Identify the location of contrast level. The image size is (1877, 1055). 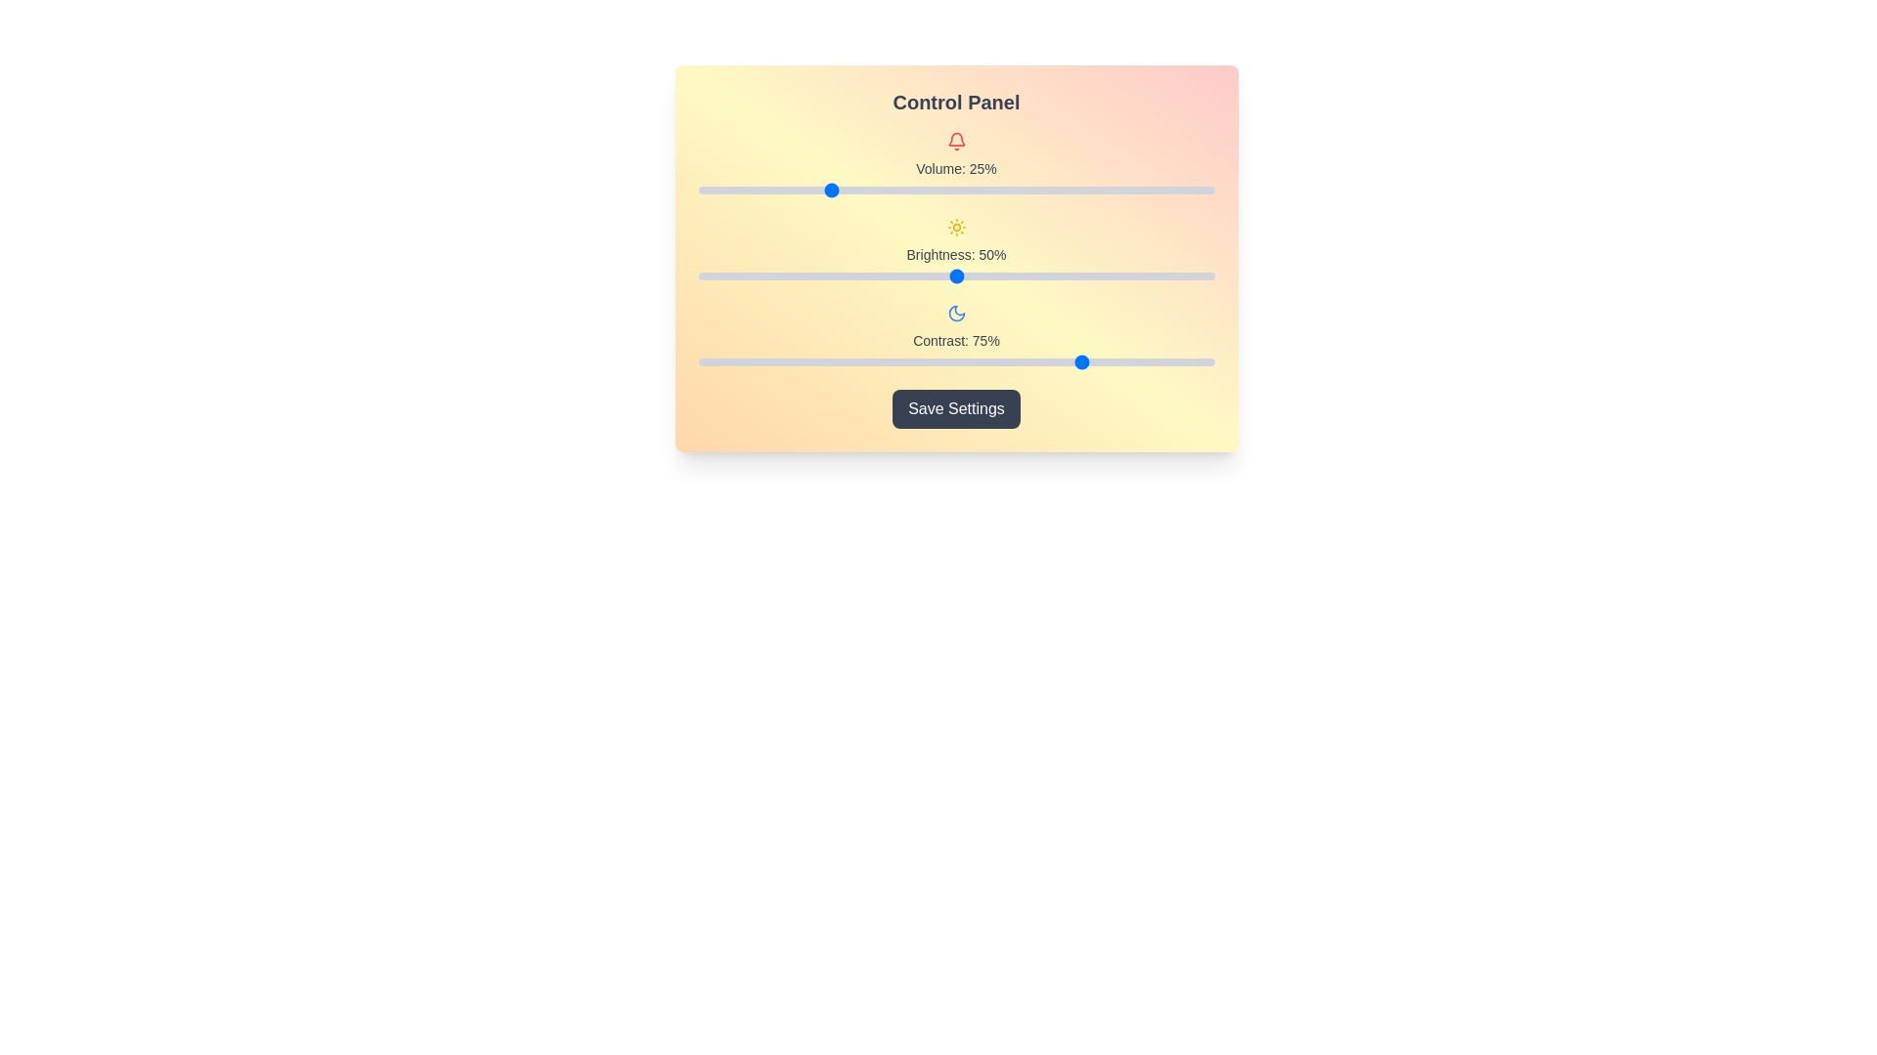
(1027, 361).